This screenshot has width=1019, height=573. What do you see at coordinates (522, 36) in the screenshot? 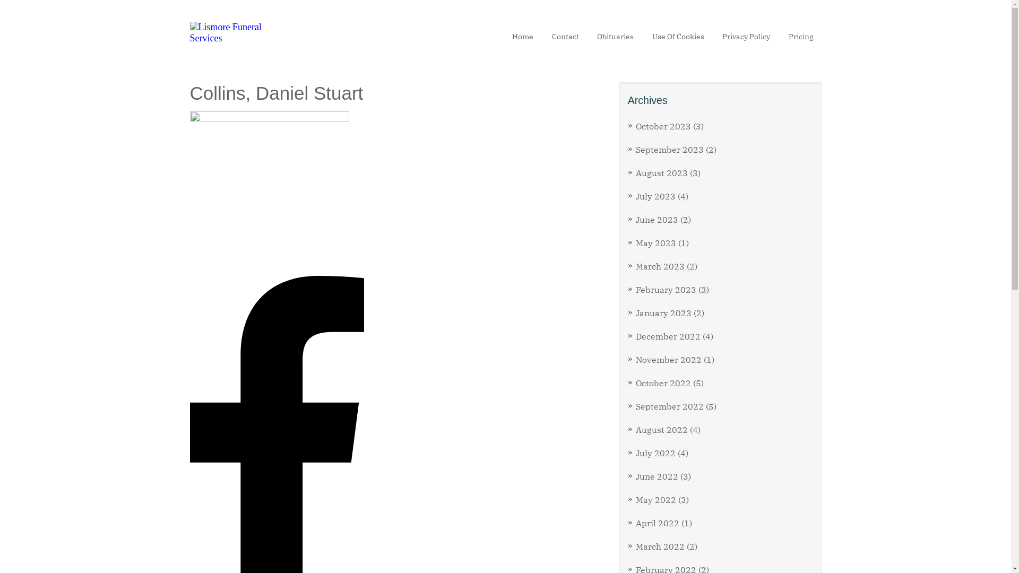
I see `'Home'` at bounding box center [522, 36].